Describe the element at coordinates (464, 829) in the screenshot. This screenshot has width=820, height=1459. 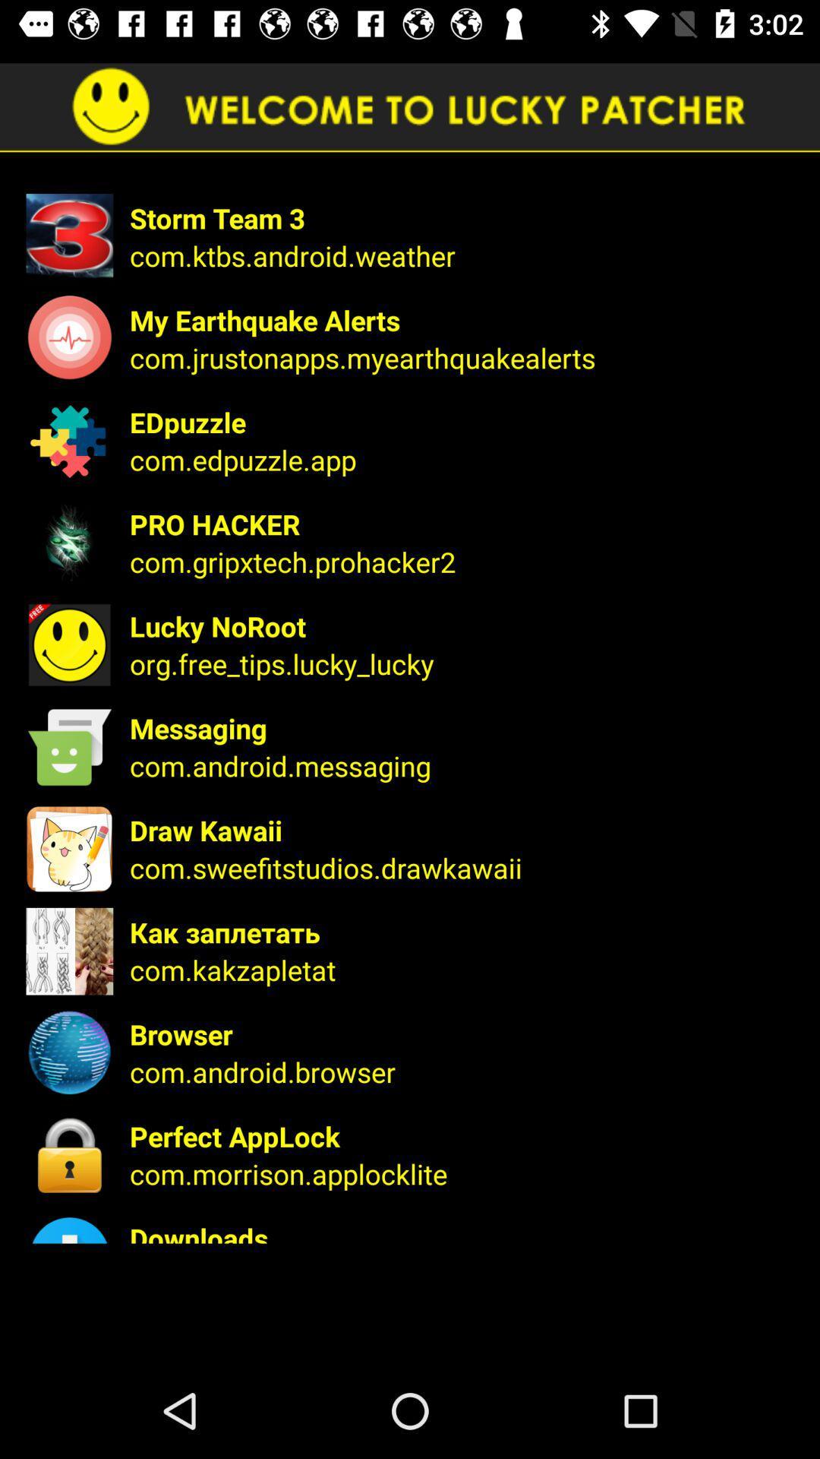
I see `draw kawaii item` at that location.